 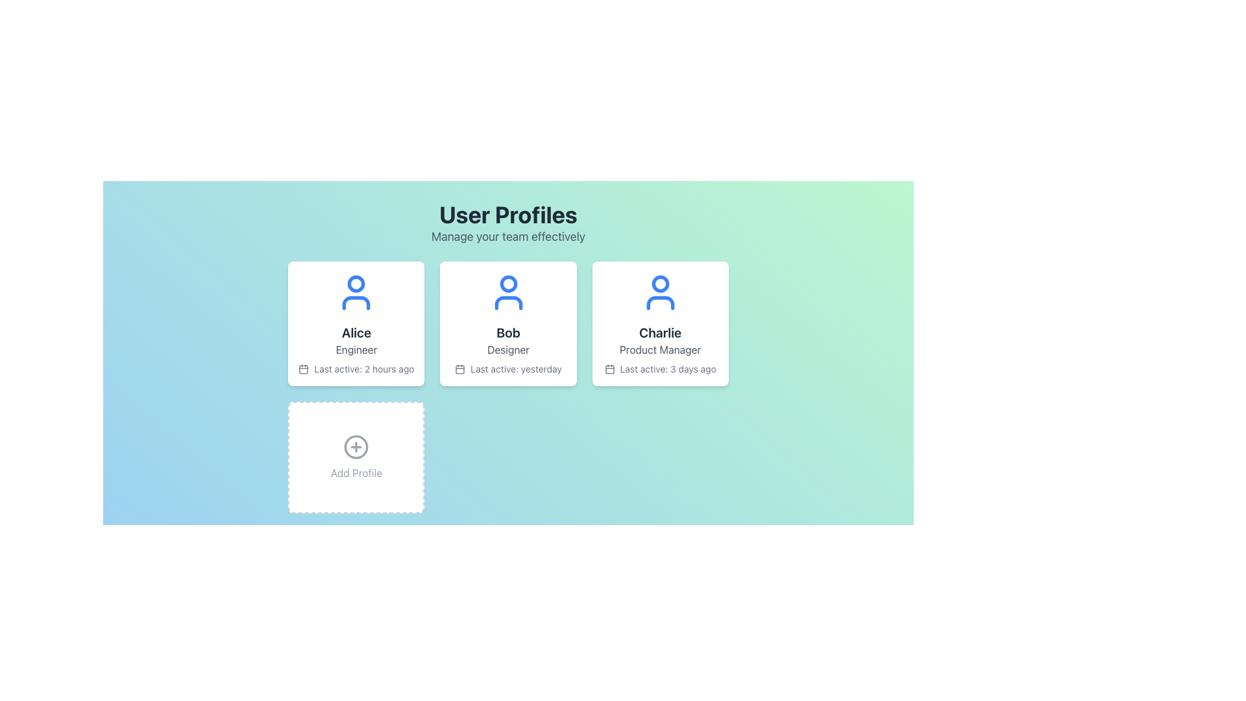 I want to click on the Profile Card displaying user information, specifically the second card in the top row of the grid layout, so click(x=507, y=323).